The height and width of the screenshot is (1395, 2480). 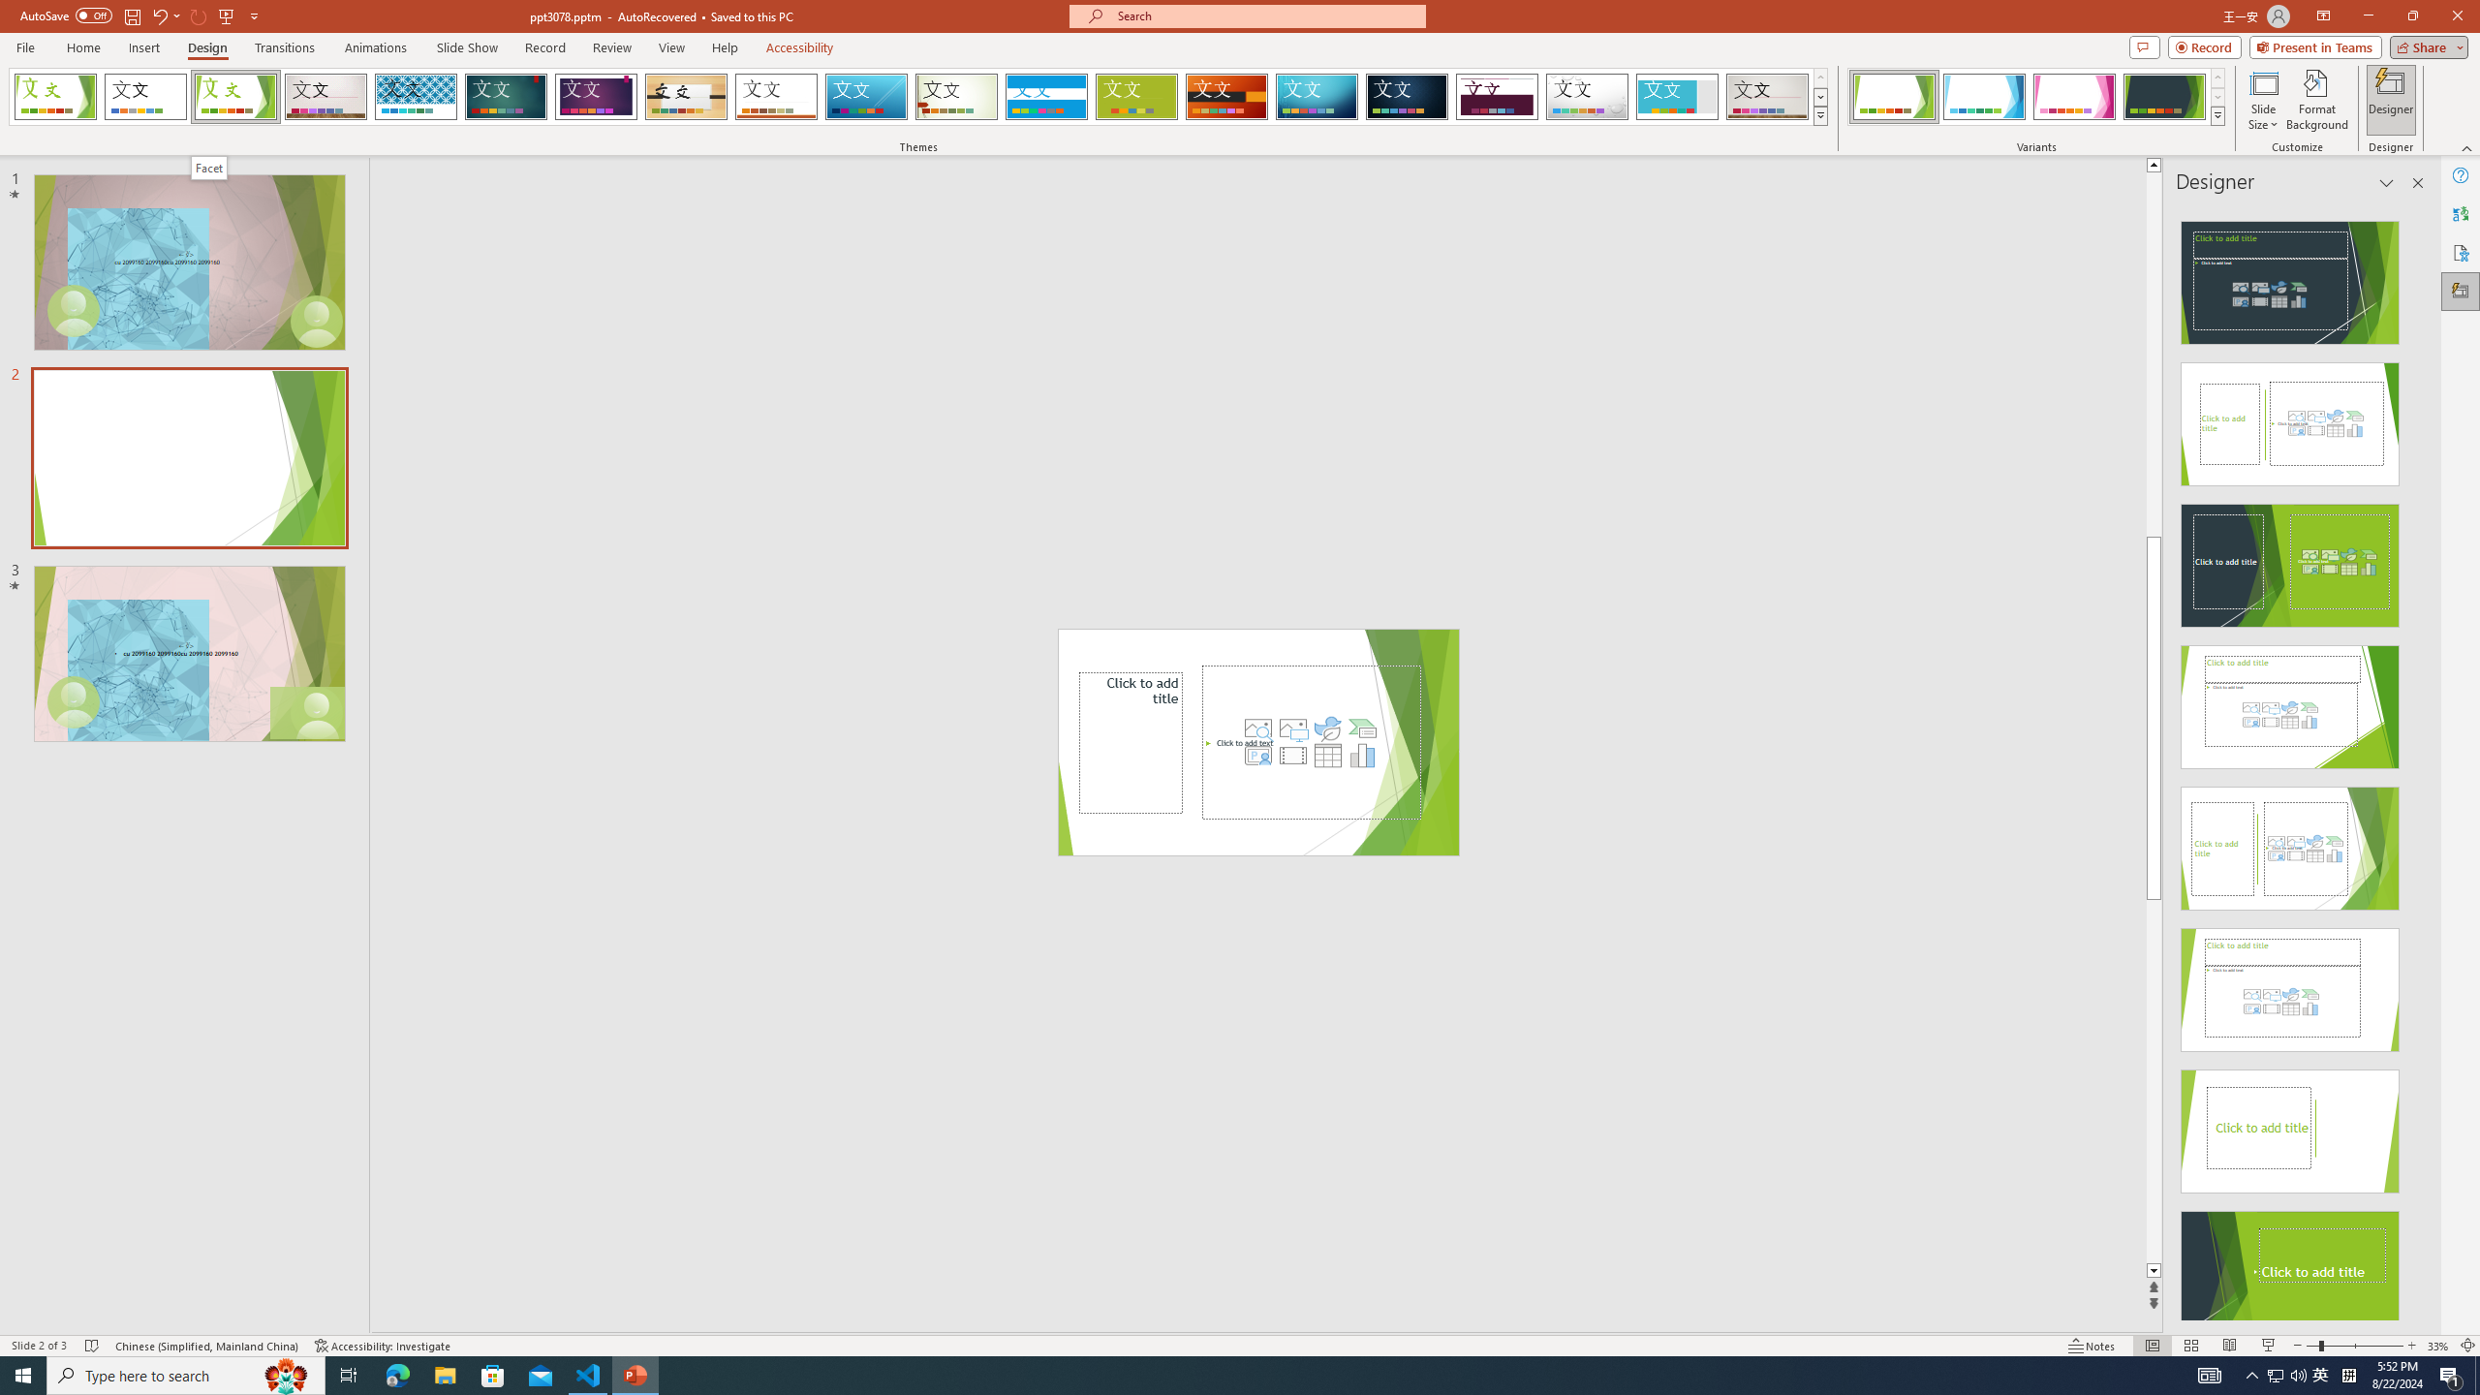 What do you see at coordinates (917, 96) in the screenshot?
I see `'AutomationID: SlideThemesGallery'` at bounding box center [917, 96].